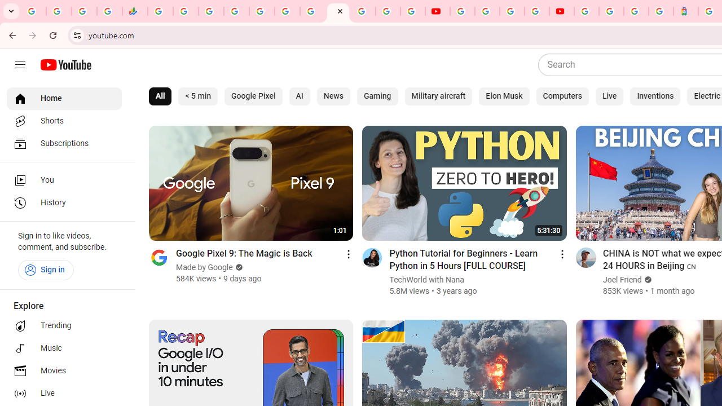  What do you see at coordinates (562, 96) in the screenshot?
I see `'Computers'` at bounding box center [562, 96].